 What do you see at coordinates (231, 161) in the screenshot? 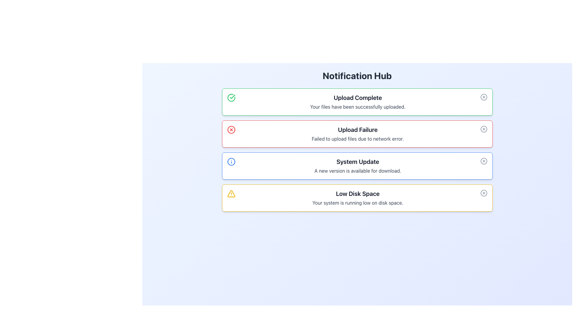
I see `the information icon located at the top-left corner of the 'System Update' notification card to interact with the notification feature` at bounding box center [231, 161].